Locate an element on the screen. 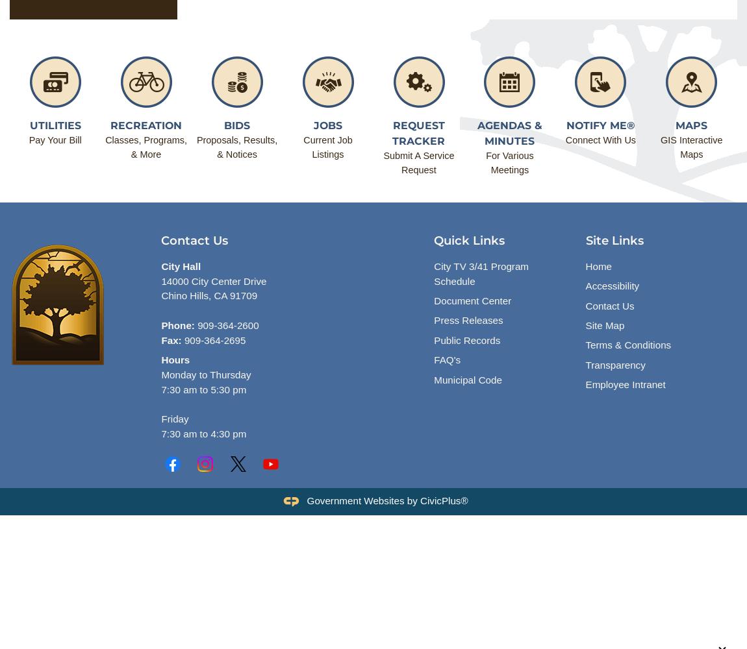 The image size is (747, 649). 'Phone:' is located at coordinates (177, 325).